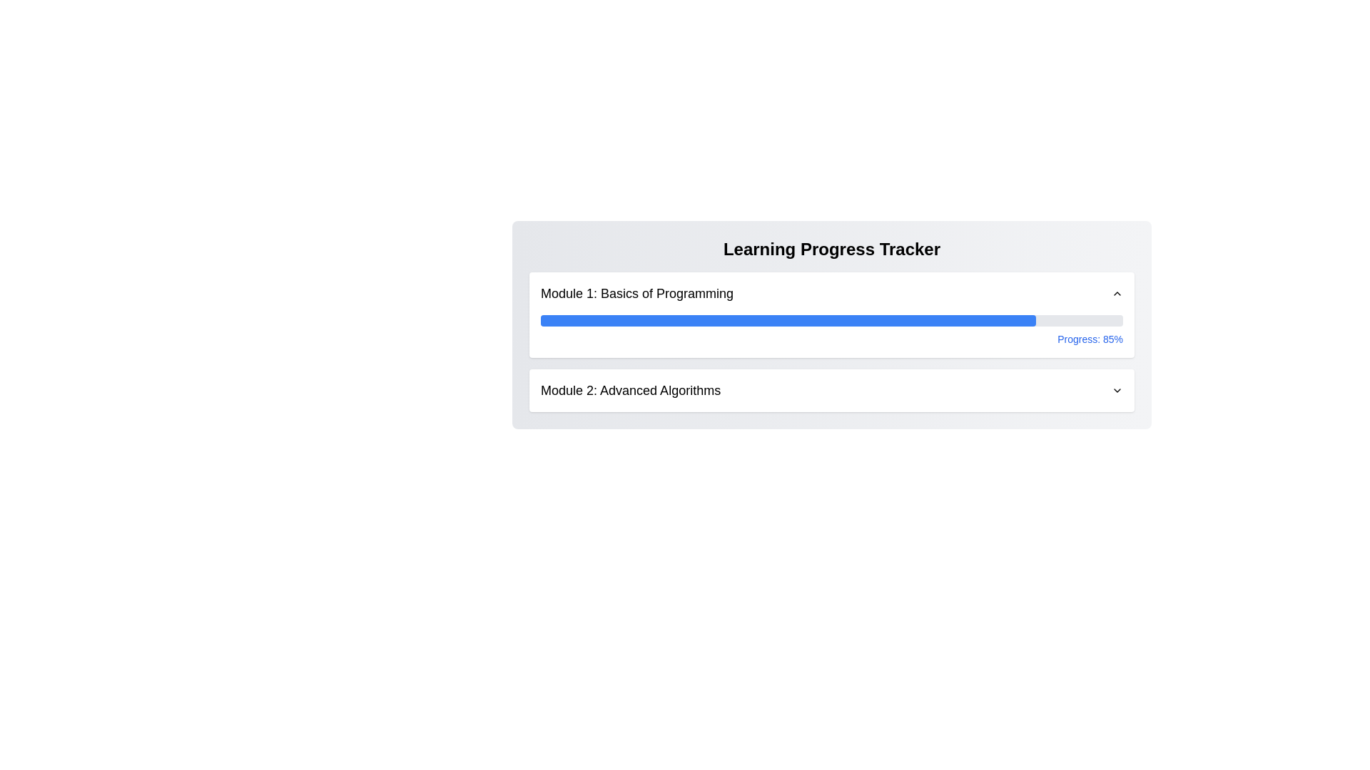 The width and height of the screenshot is (1370, 770). What do you see at coordinates (832, 330) in the screenshot?
I see `displayed progress percentage from the progress bar for 'Module 1: Basics of Programming', which is centrally located within its bounding box` at bounding box center [832, 330].